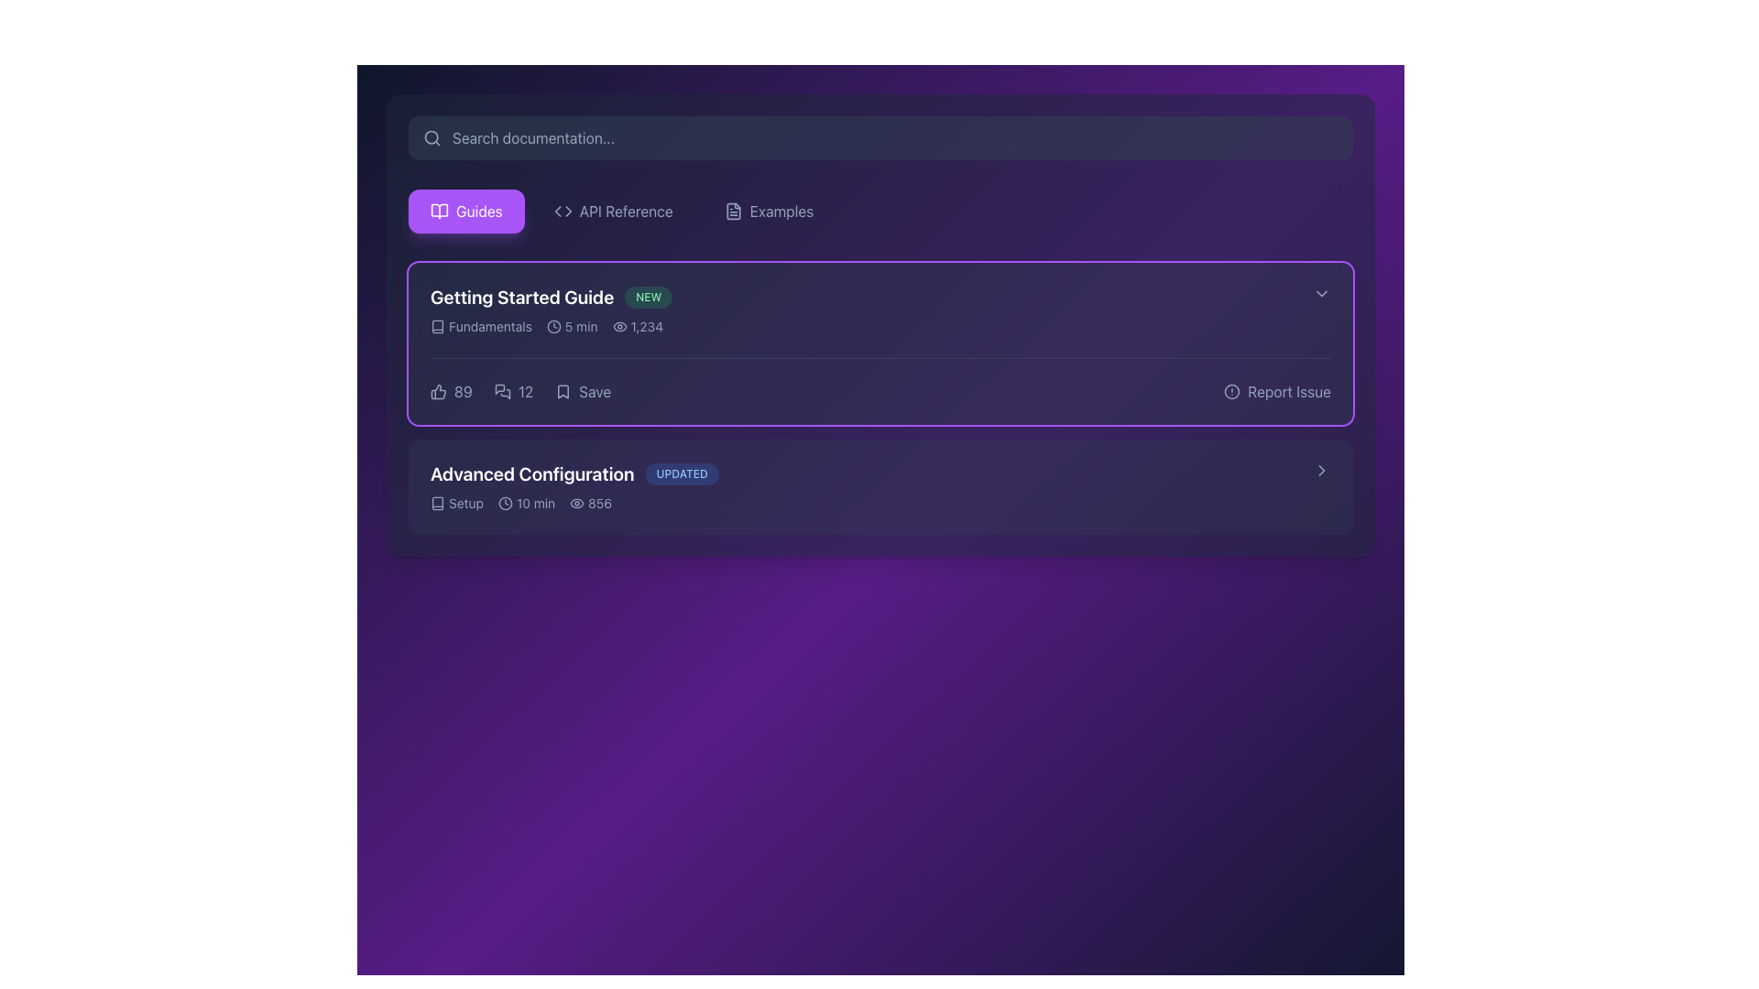 The height and width of the screenshot is (989, 1759). Describe the element at coordinates (580, 326) in the screenshot. I see `the text label displaying '5 min' which is styled with a clean sans-serif font and is located in the top card section of the interface titled 'Getting Started Guide'. It is positioned to the right of a clock icon, making it the second item in the sequence` at that location.